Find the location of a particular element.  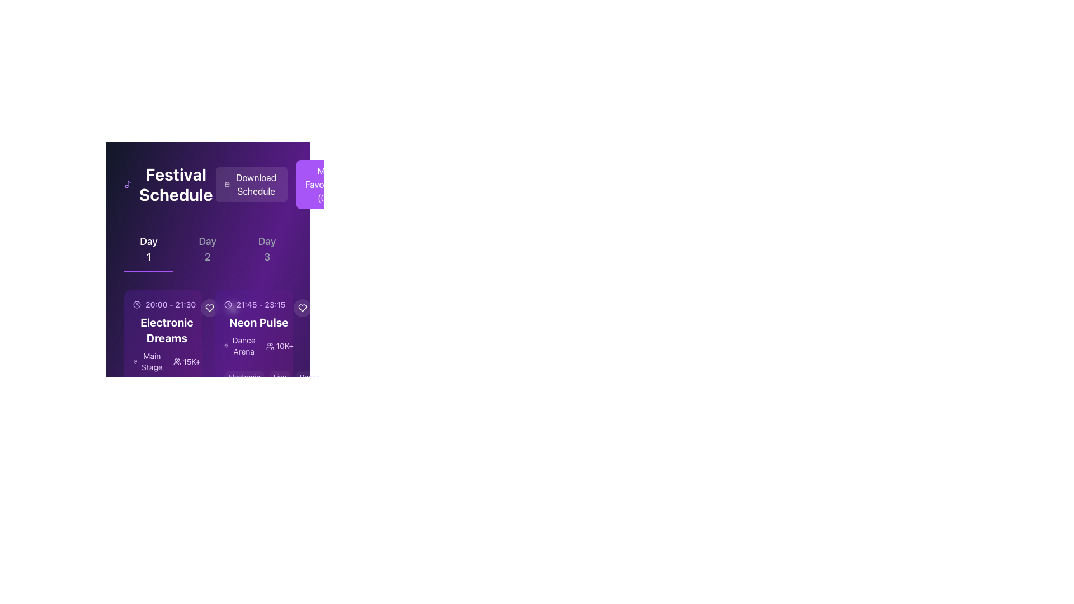

the second informational card under 'Day 1' in the 'Festival Schedule' section is located at coordinates (258, 327).